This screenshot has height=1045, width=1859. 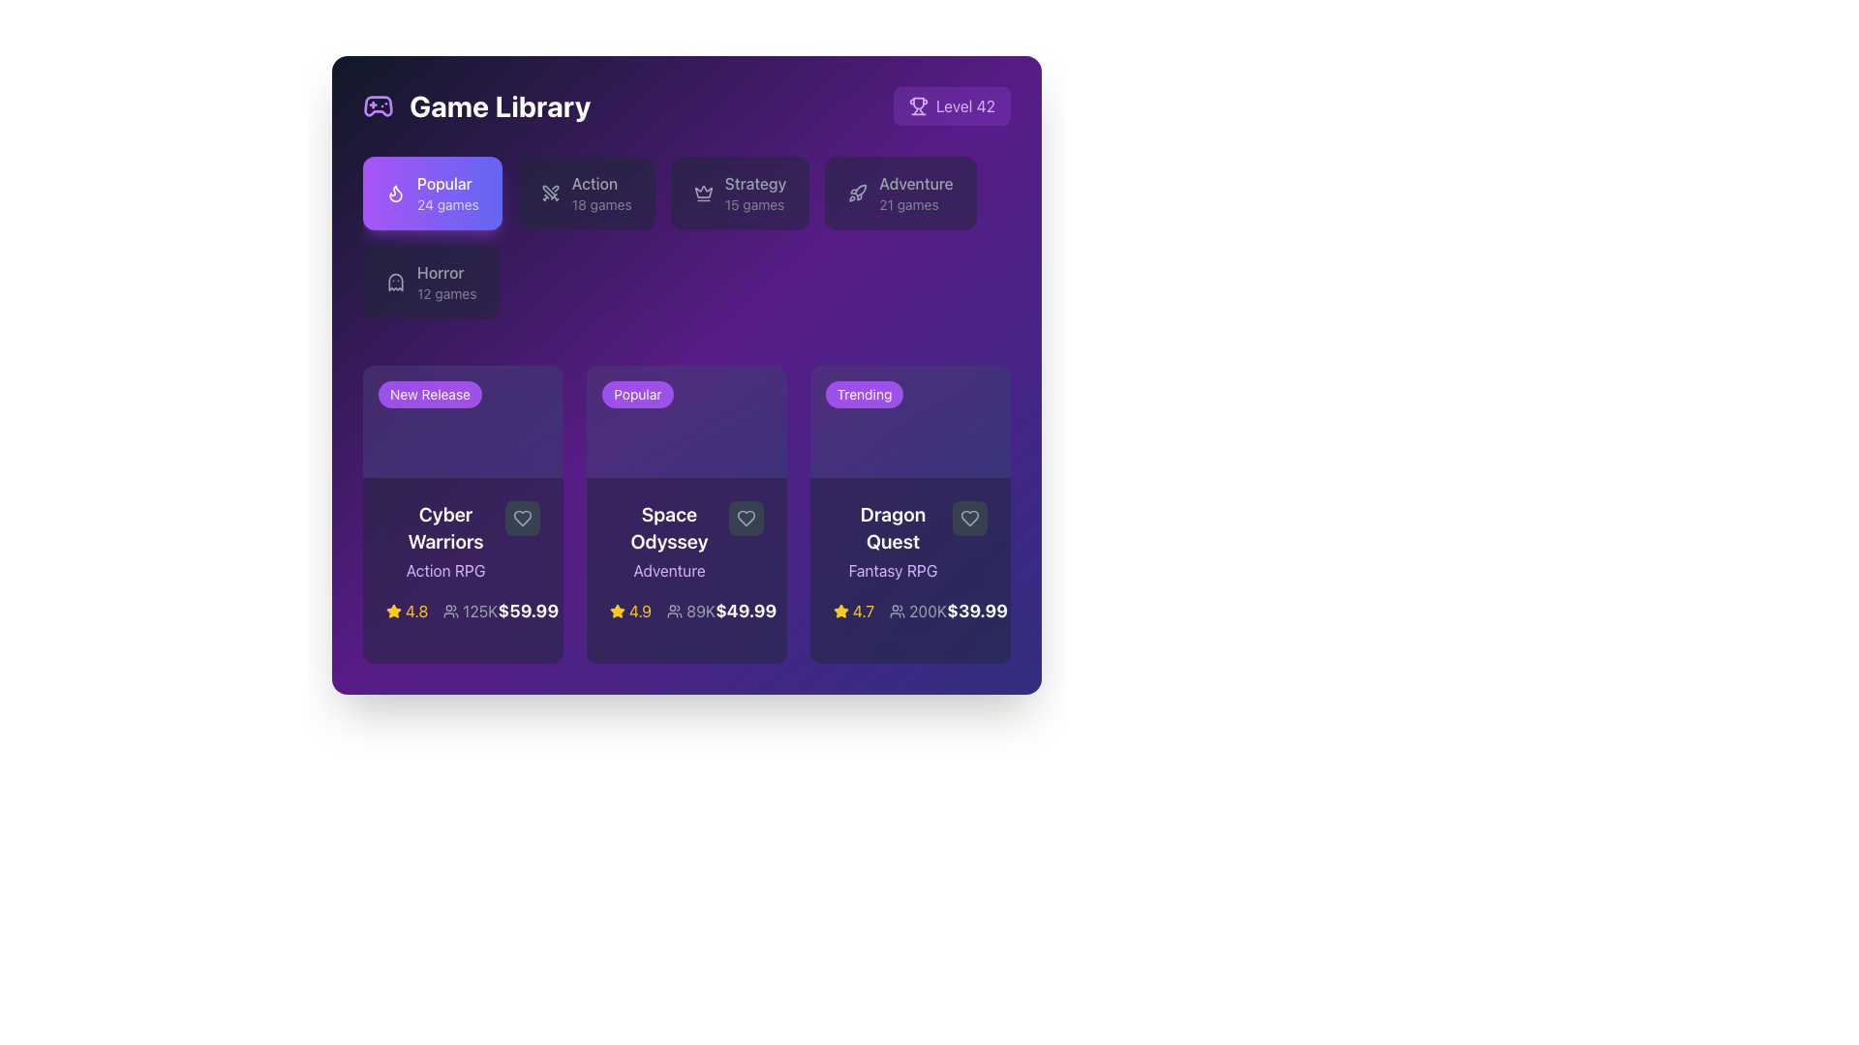 What do you see at coordinates (745, 612) in the screenshot?
I see `the text block displaying the price value '$49.99' located in the lower center of the middle game card for 'Space Odyssey'` at bounding box center [745, 612].